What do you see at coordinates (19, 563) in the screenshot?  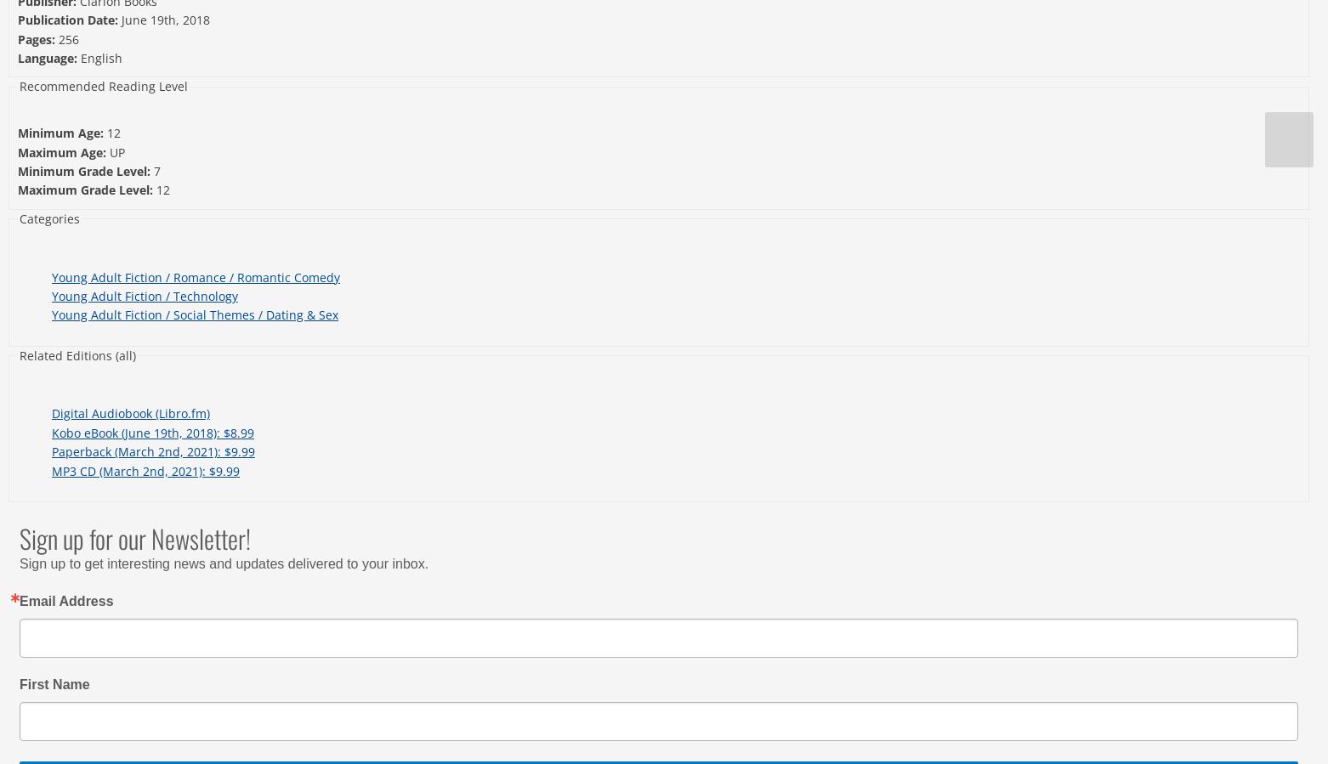 I see `'Sign up to get interesting news and updates delivered to your inbox.'` at bounding box center [19, 563].